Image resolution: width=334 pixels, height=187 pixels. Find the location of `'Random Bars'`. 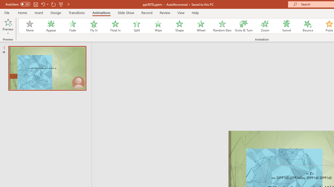

'Random Bars' is located at coordinates (222, 26).